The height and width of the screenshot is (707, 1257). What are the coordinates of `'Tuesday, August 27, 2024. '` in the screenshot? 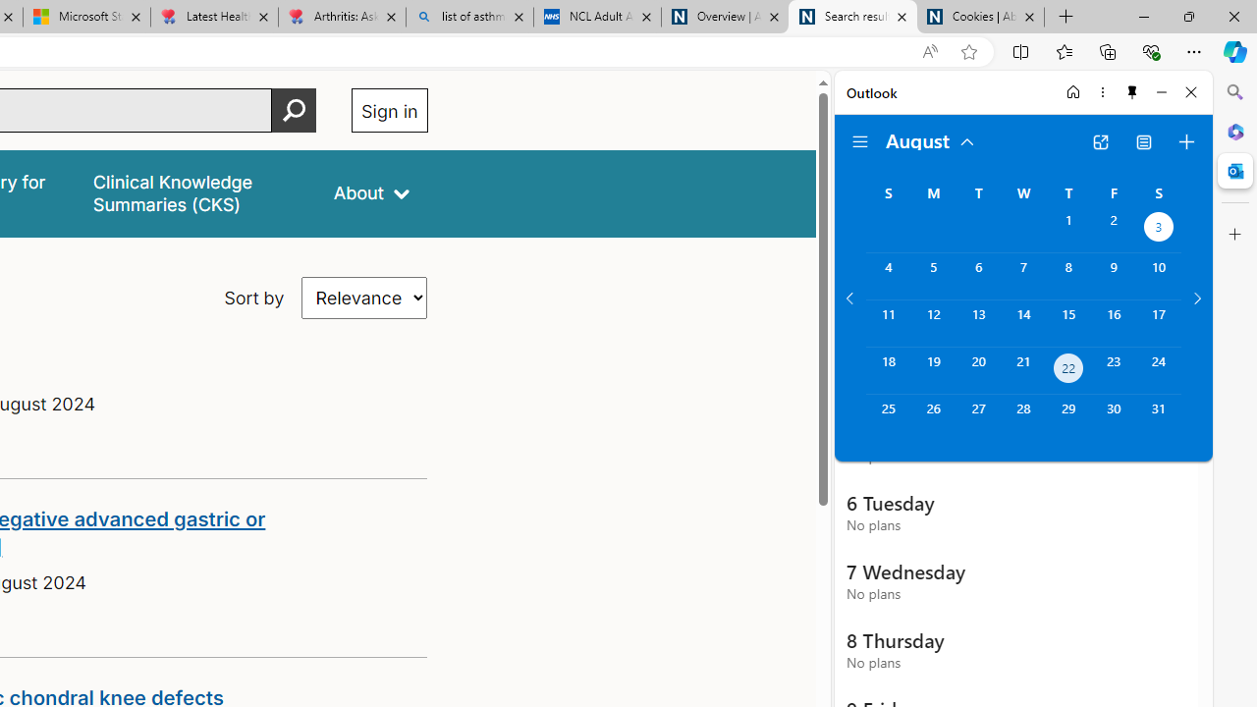 It's located at (978, 416).